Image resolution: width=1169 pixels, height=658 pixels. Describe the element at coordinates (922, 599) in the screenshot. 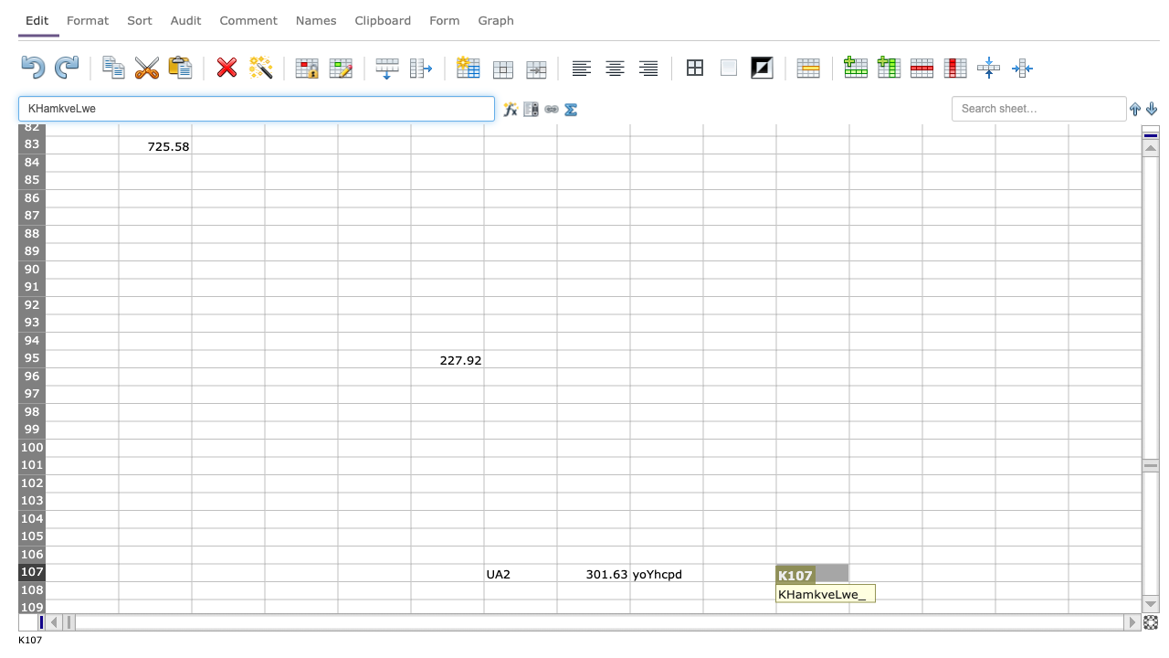

I see `fill handle point of L108` at that location.